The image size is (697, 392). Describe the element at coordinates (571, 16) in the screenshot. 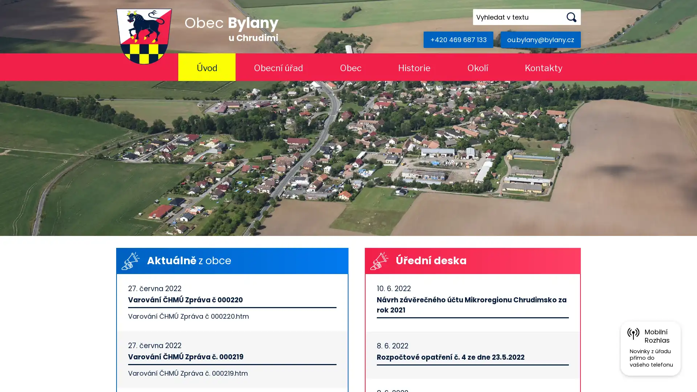

I see `Hledat` at that location.